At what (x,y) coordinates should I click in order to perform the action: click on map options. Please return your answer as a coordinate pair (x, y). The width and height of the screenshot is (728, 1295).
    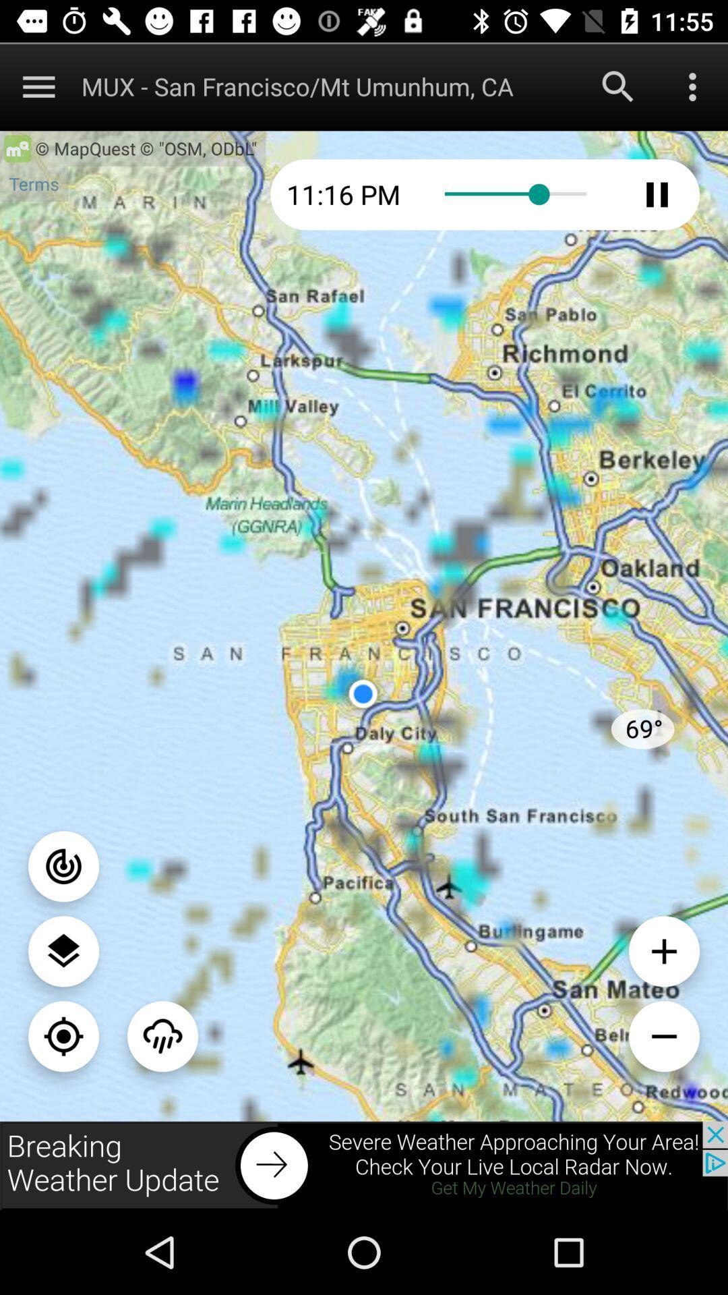
    Looking at the image, I should click on (38, 86).